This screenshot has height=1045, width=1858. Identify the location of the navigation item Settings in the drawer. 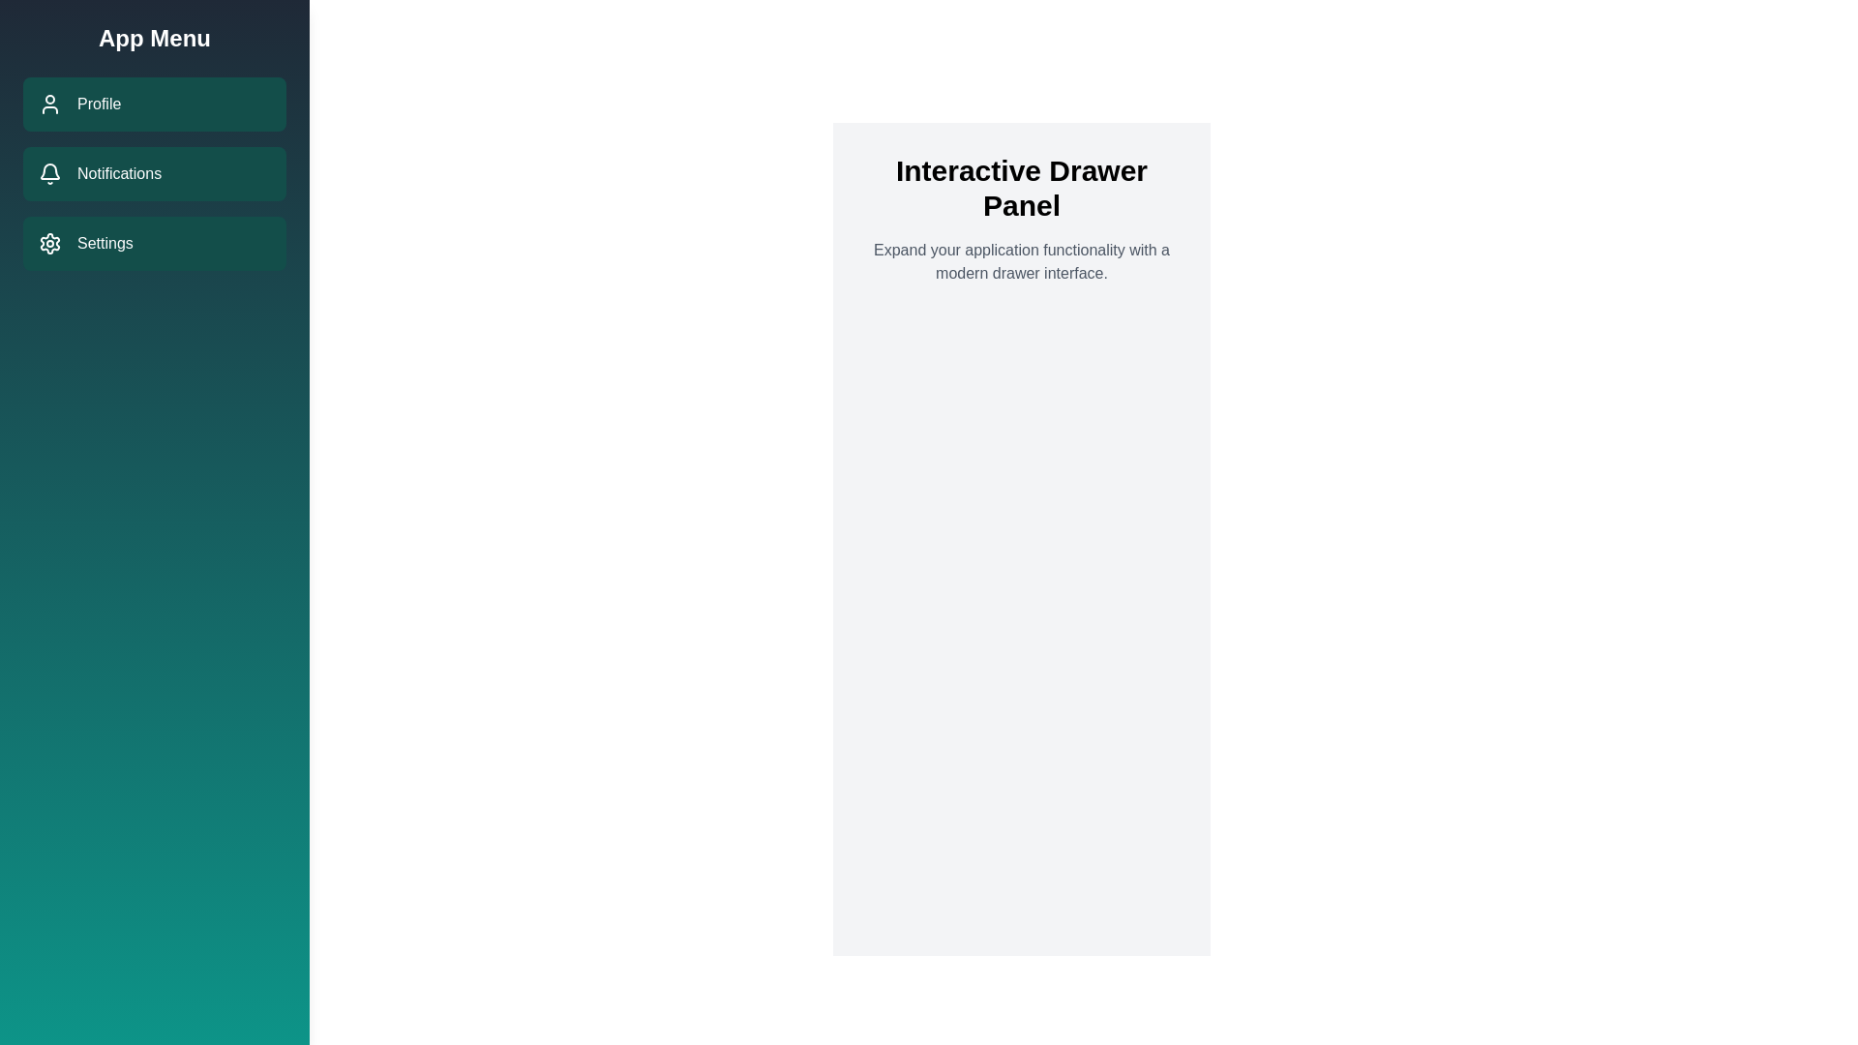
(153, 242).